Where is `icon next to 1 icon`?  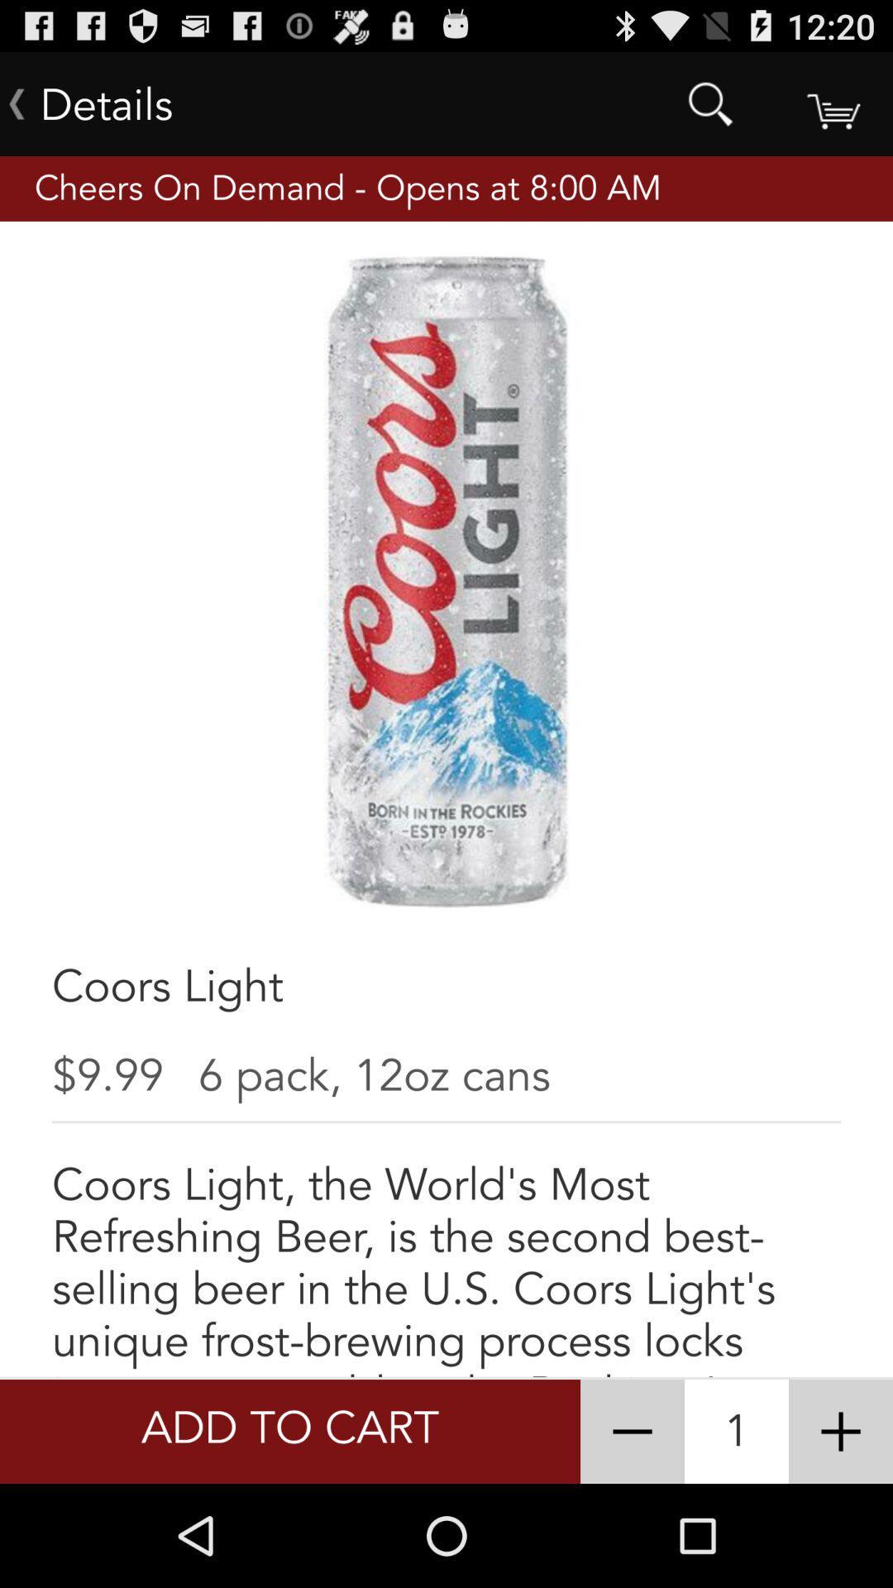
icon next to 1 icon is located at coordinates (632, 1431).